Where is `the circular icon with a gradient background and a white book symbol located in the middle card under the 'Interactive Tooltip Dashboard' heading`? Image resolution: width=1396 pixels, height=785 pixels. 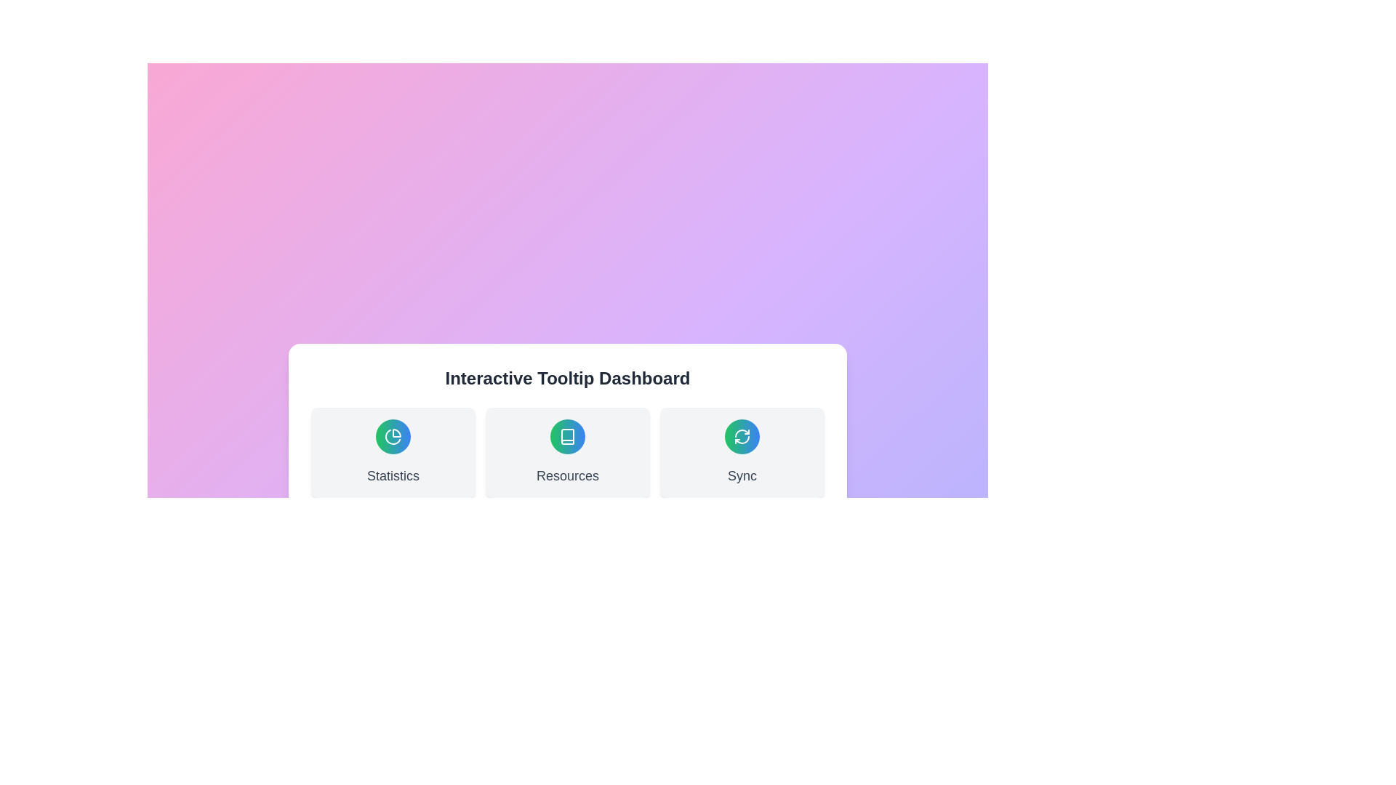 the circular icon with a gradient background and a white book symbol located in the middle card under the 'Interactive Tooltip Dashboard' heading is located at coordinates (567, 436).